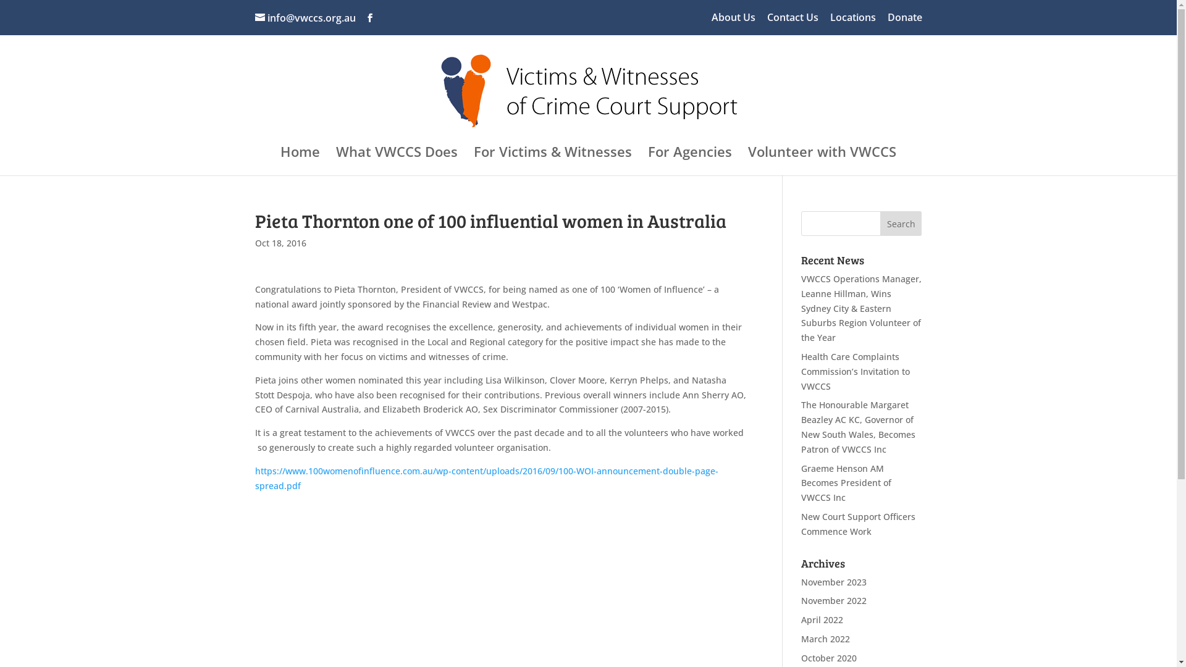  What do you see at coordinates (552, 161) in the screenshot?
I see `'For Victims & Witnesses'` at bounding box center [552, 161].